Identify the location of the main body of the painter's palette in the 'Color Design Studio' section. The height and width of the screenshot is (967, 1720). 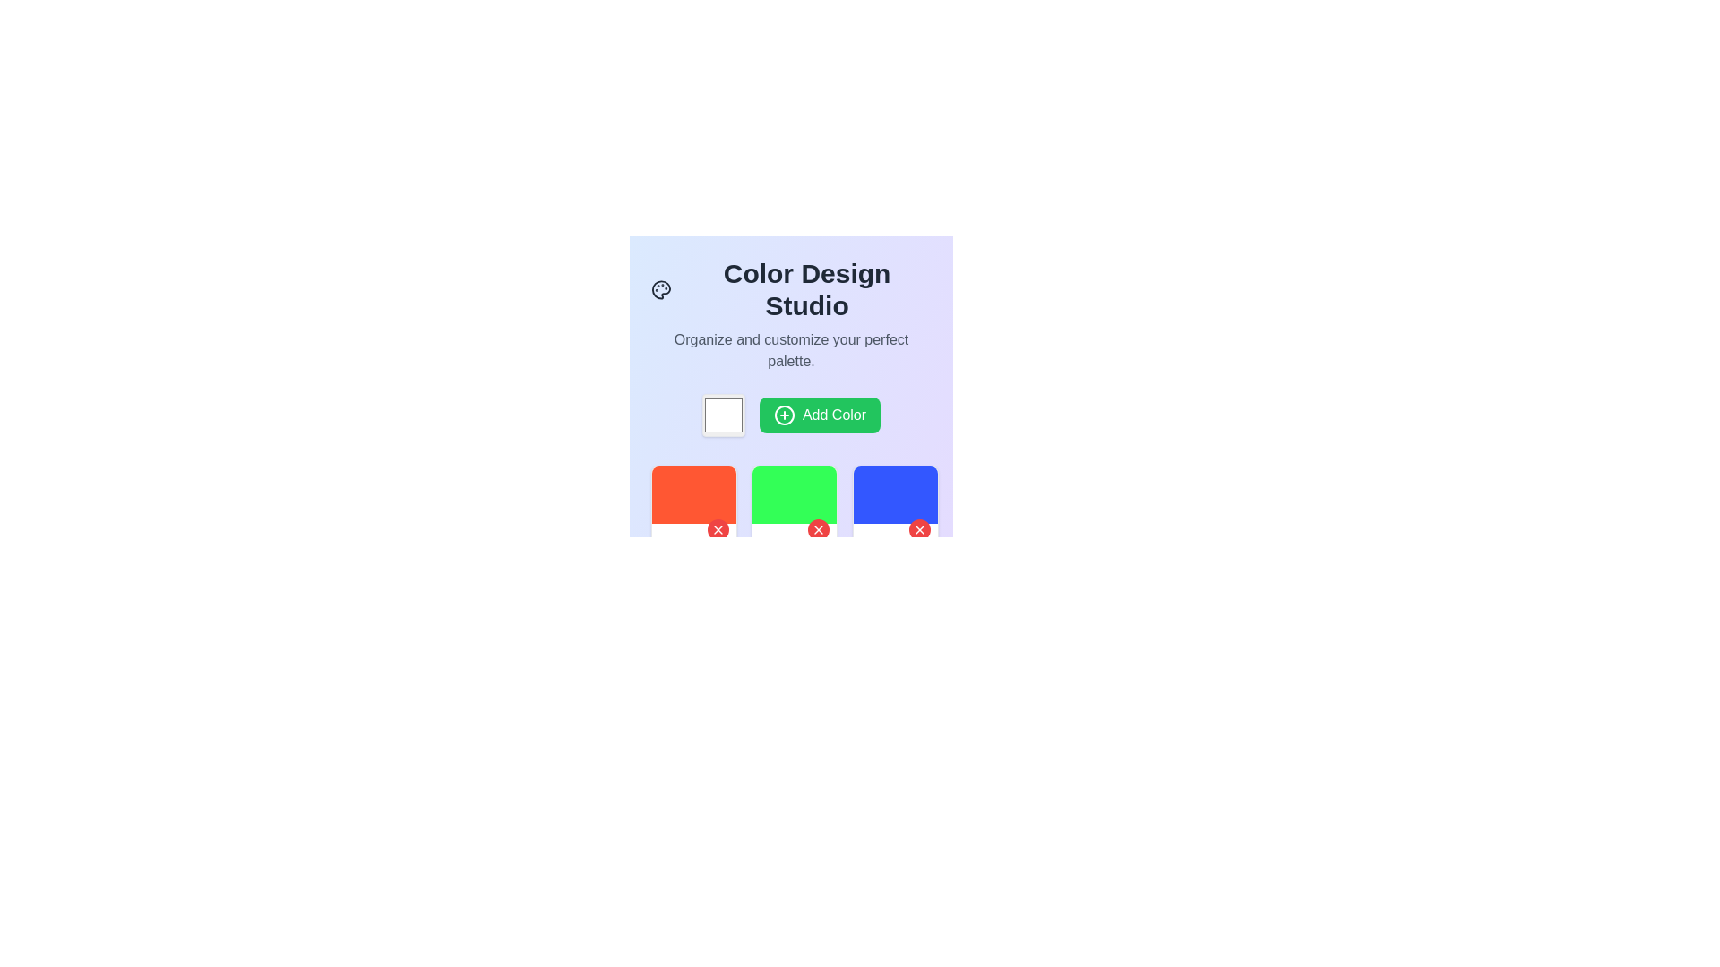
(660, 289).